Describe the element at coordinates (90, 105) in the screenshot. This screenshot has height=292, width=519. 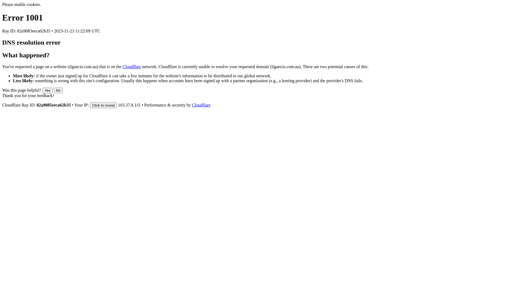
I see `'Click to reveal'` at that location.